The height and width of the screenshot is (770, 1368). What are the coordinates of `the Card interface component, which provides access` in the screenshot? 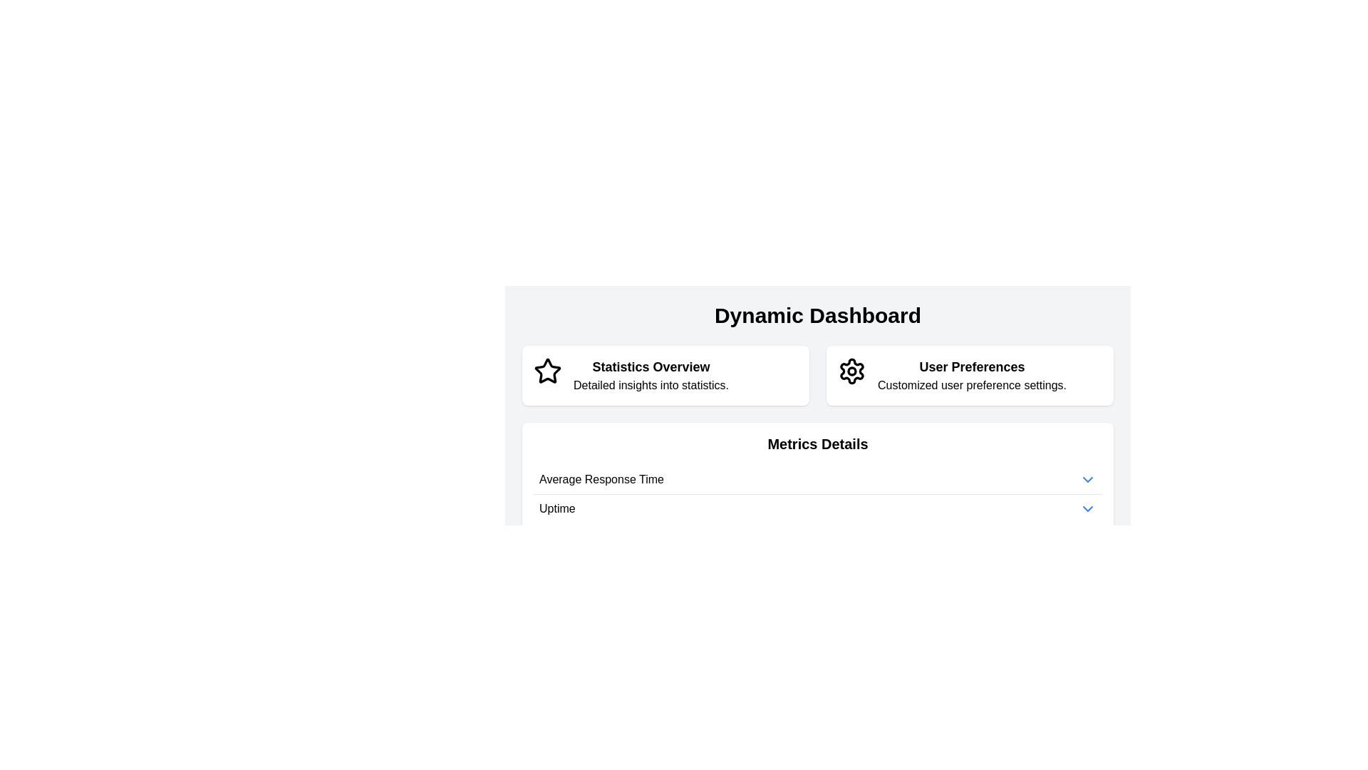 It's located at (969, 375).